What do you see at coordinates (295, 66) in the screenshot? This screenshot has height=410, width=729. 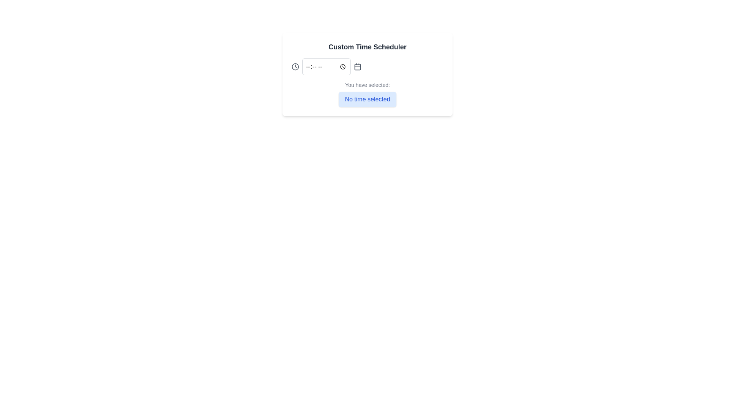 I see `the clock icon located on the left side of the time input field, which serves as an indicator of the time selection functionality` at bounding box center [295, 66].